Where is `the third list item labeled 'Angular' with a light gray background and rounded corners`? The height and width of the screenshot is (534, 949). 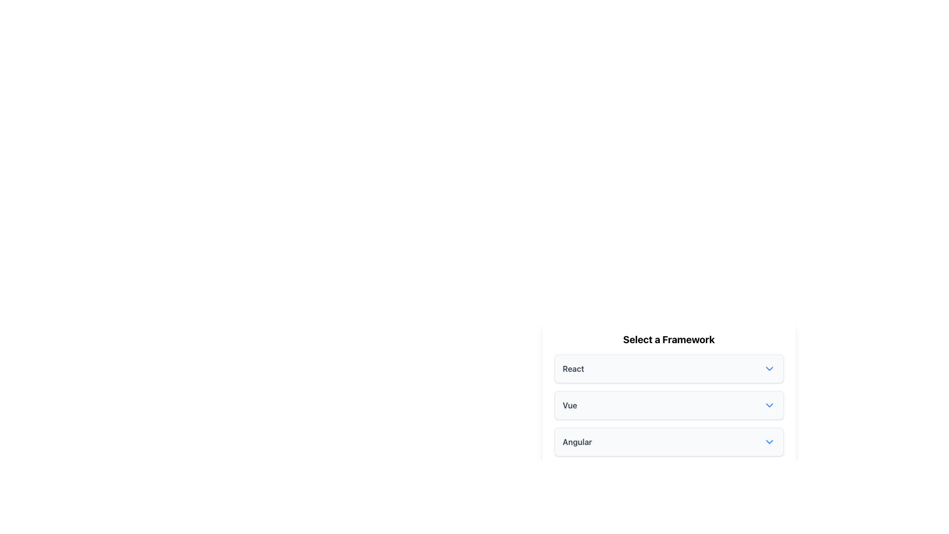
the third list item labeled 'Angular' with a light gray background and rounded corners is located at coordinates (669, 442).